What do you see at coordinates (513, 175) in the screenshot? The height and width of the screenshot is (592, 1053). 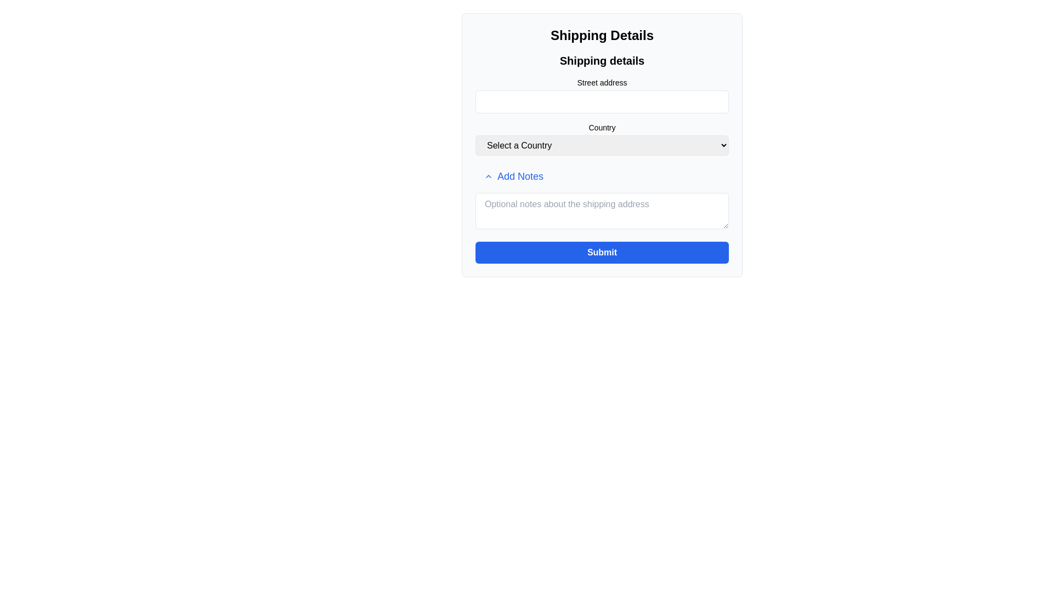 I see `the Interactive Button-Like Toggle` at bounding box center [513, 175].